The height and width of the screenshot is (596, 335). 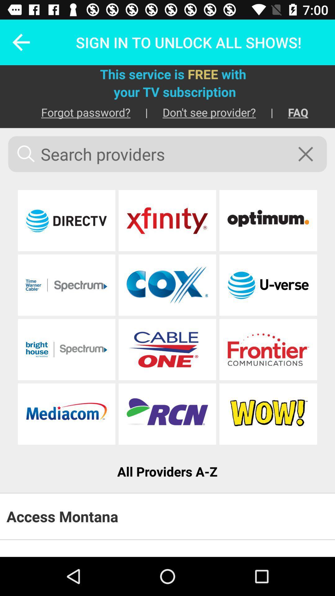 What do you see at coordinates (291, 112) in the screenshot?
I see `the item next to |` at bounding box center [291, 112].